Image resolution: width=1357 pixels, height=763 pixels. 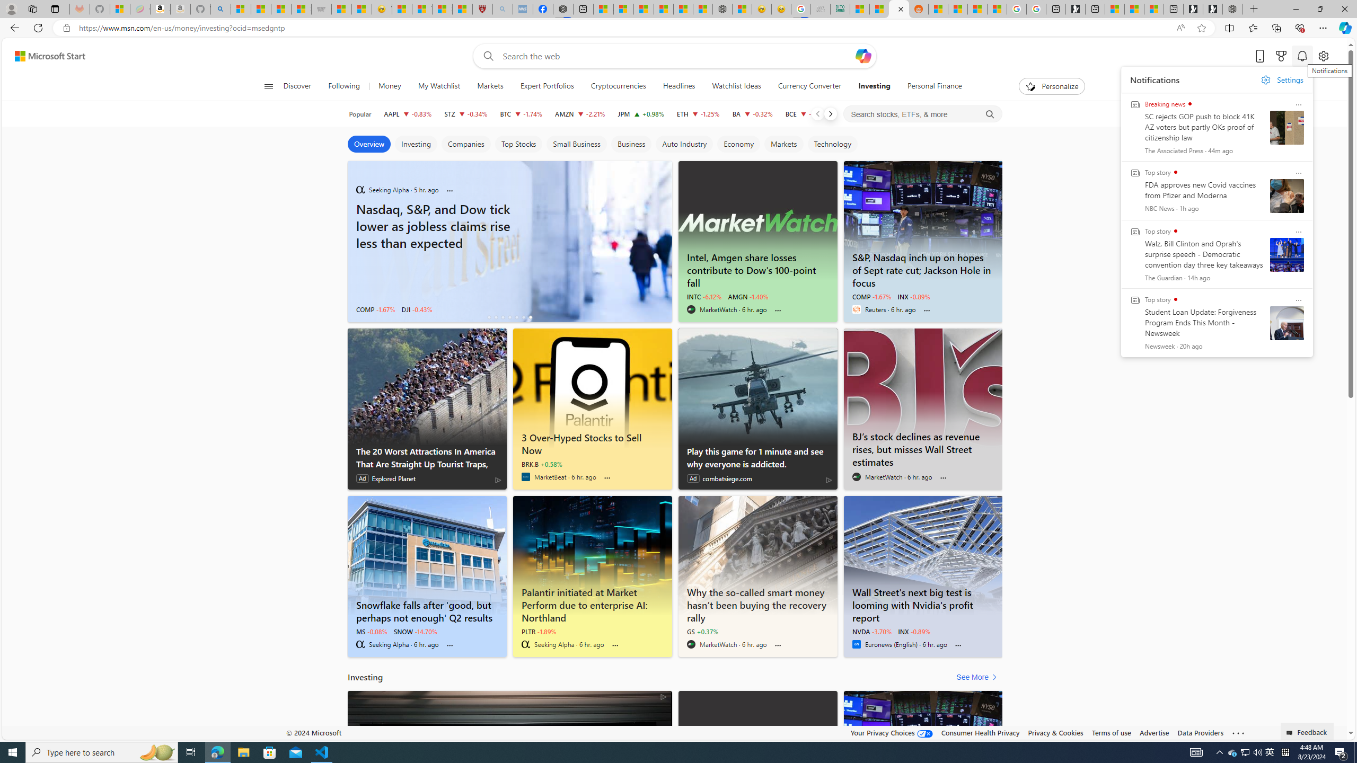 What do you see at coordinates (1111, 732) in the screenshot?
I see `'Terms of use'` at bounding box center [1111, 732].